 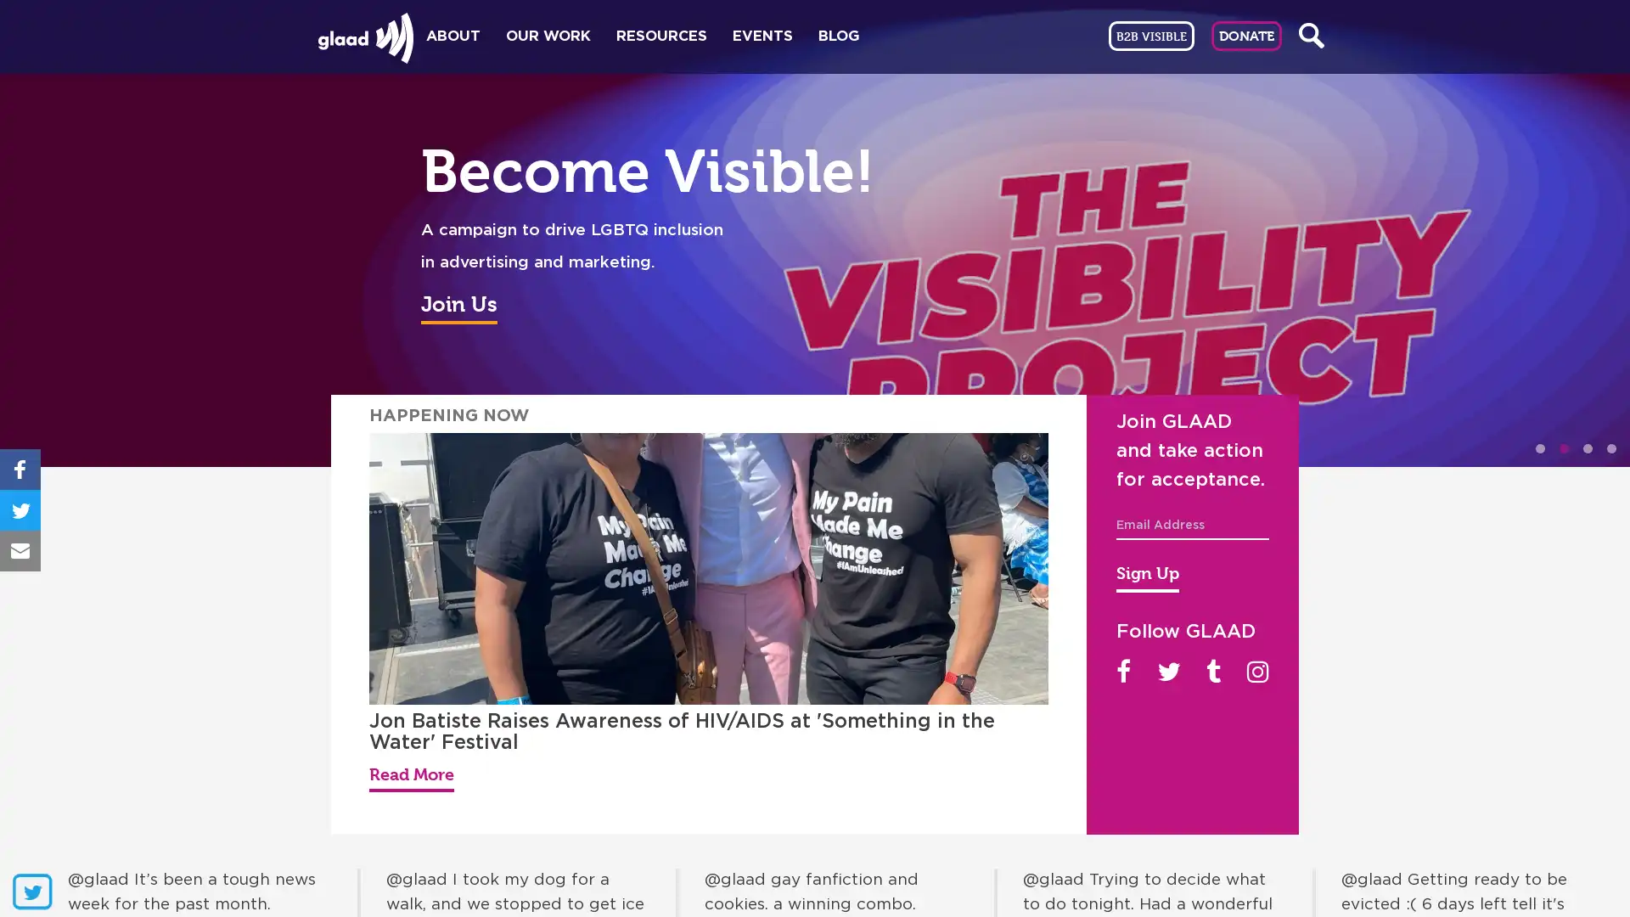 What do you see at coordinates (1239, 201) in the screenshot?
I see `Close` at bounding box center [1239, 201].